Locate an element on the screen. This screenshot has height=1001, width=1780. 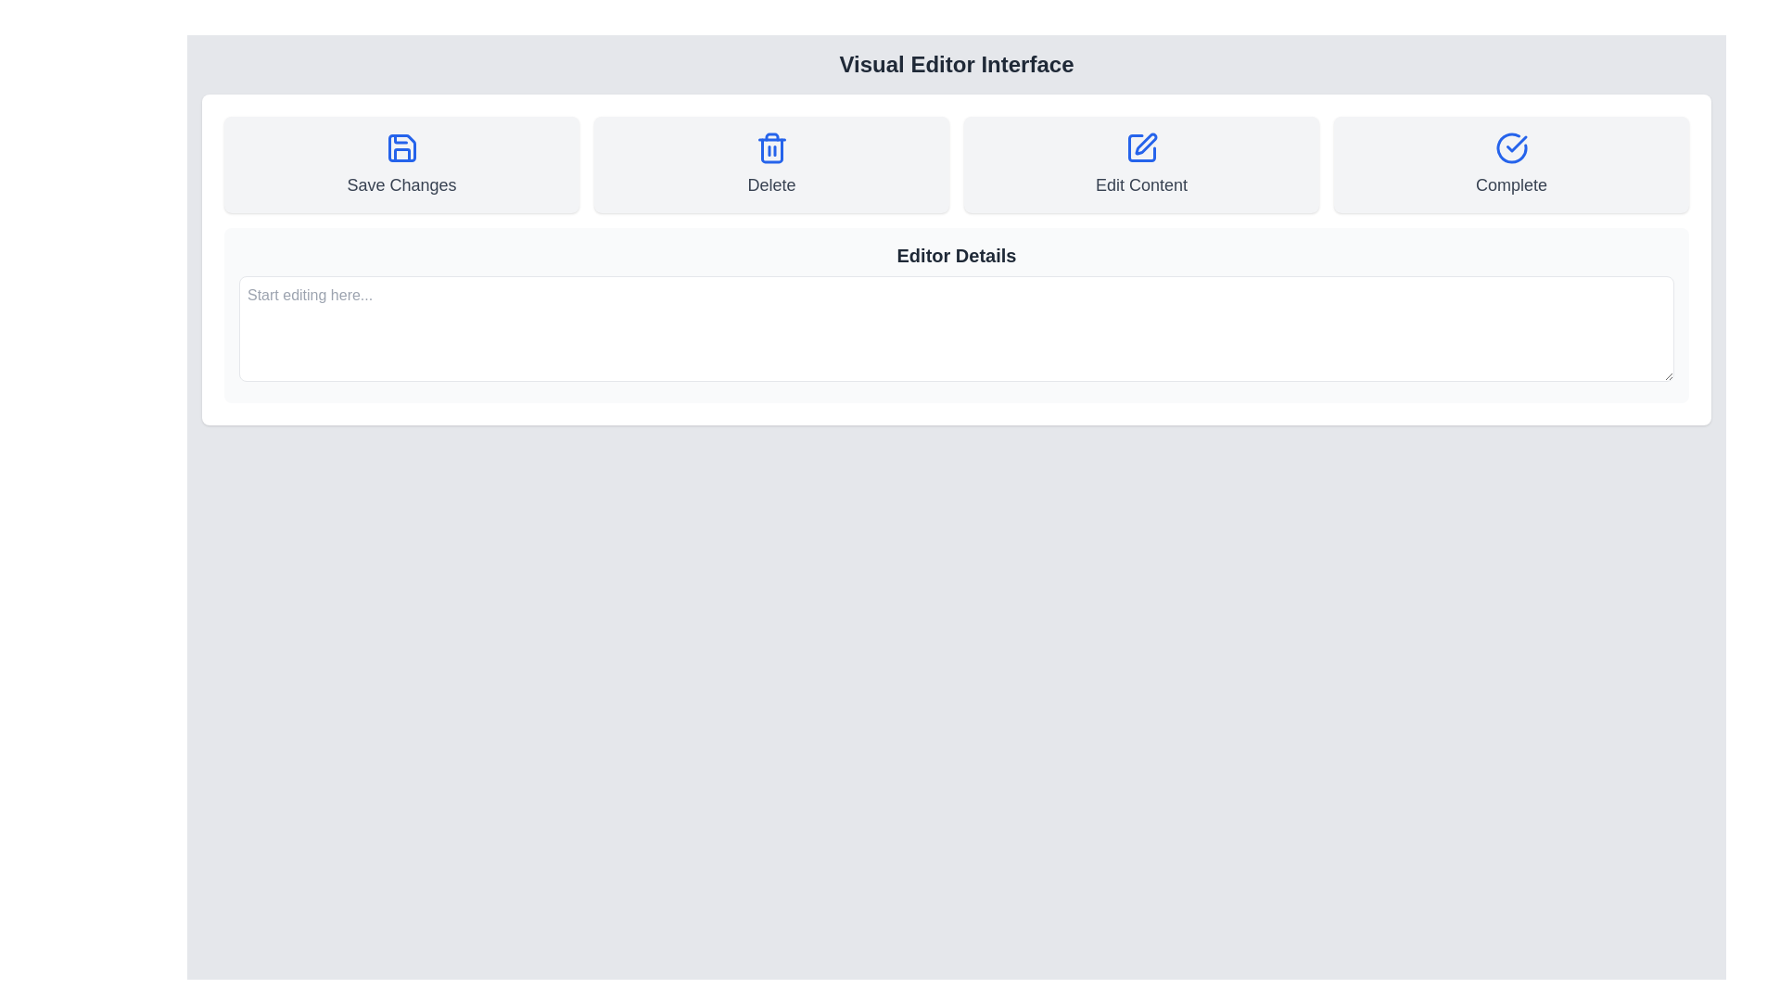
the third button in a group of four horizontally aligned buttons located near the top-center of the interface to trigger any hover effects is located at coordinates (1140, 163).